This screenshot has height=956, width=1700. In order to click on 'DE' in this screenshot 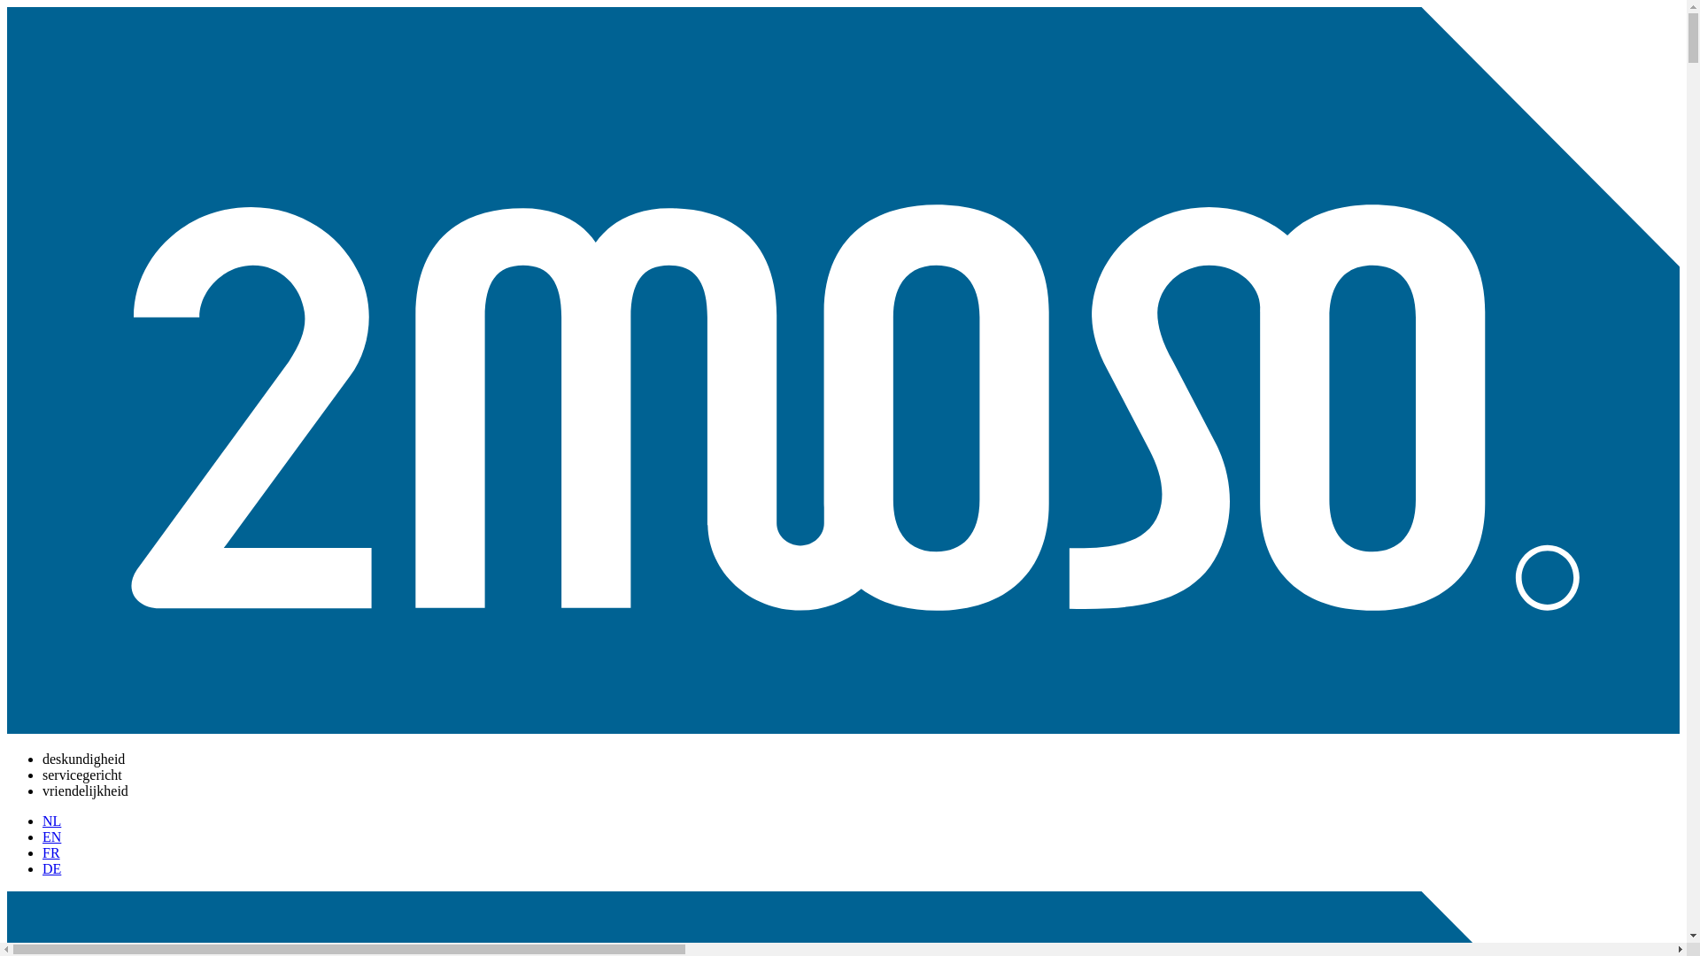, I will do `click(51, 867)`.